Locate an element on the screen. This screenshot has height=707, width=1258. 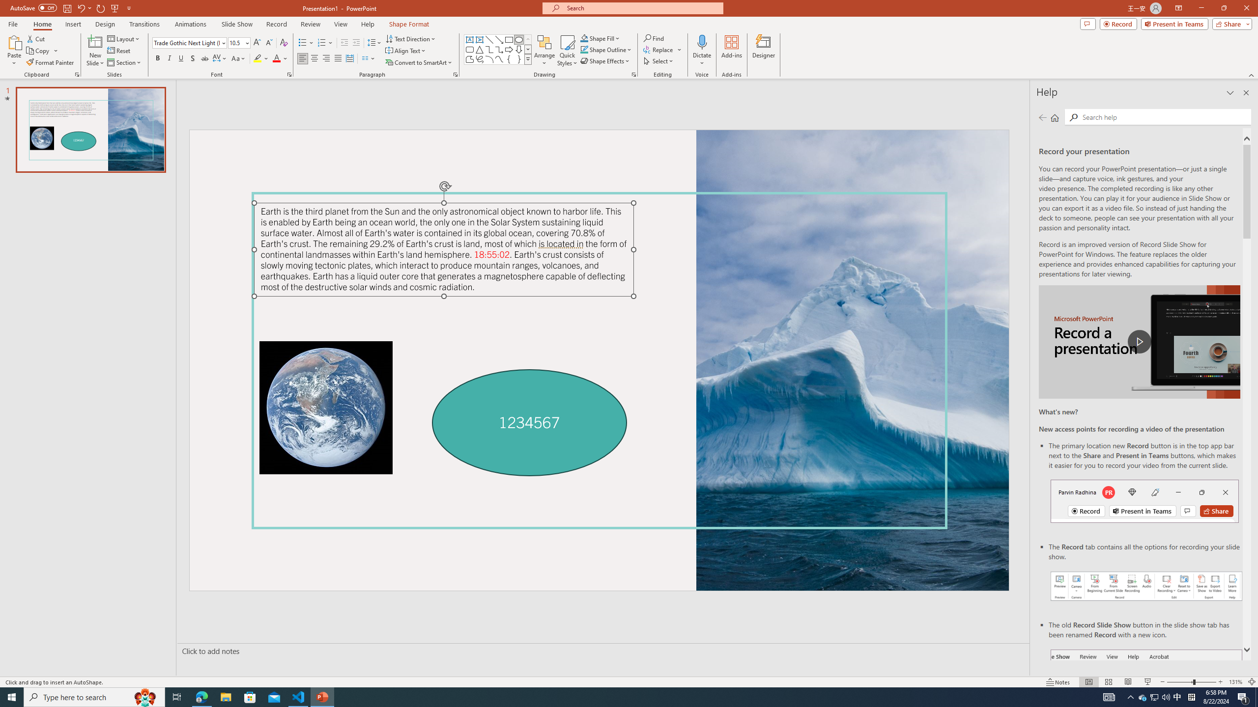
'Previous page' is located at coordinates (1042, 117).